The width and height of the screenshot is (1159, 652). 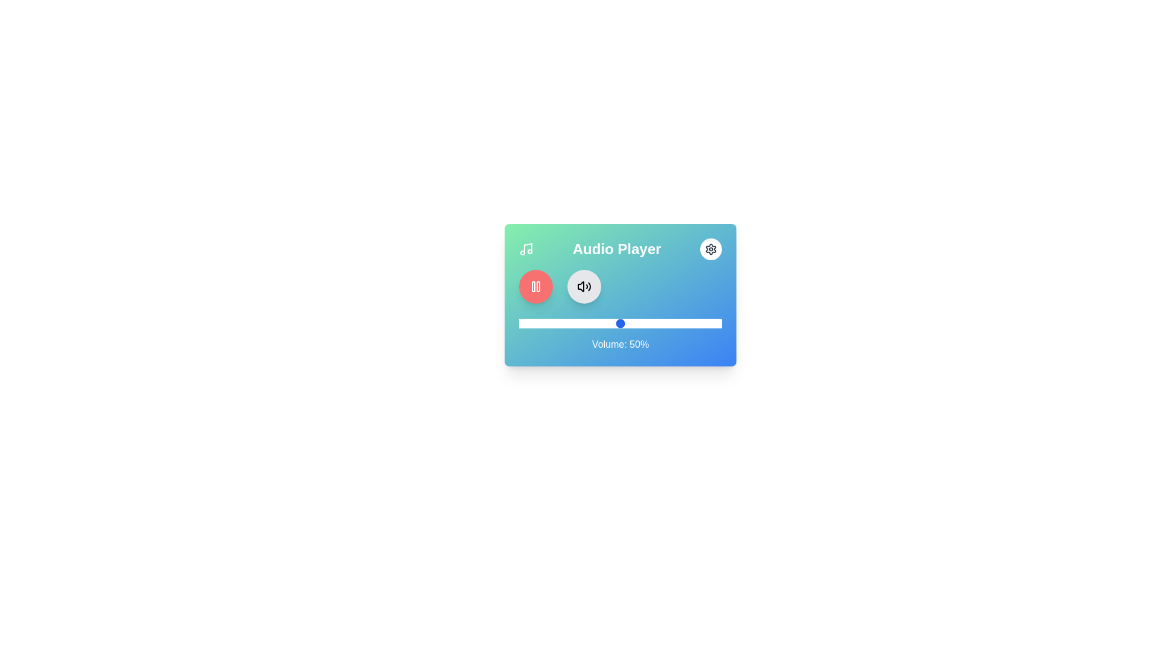 What do you see at coordinates (710, 248) in the screenshot?
I see `the Settings Cog icon located at the top-right corner of the audio player interface` at bounding box center [710, 248].